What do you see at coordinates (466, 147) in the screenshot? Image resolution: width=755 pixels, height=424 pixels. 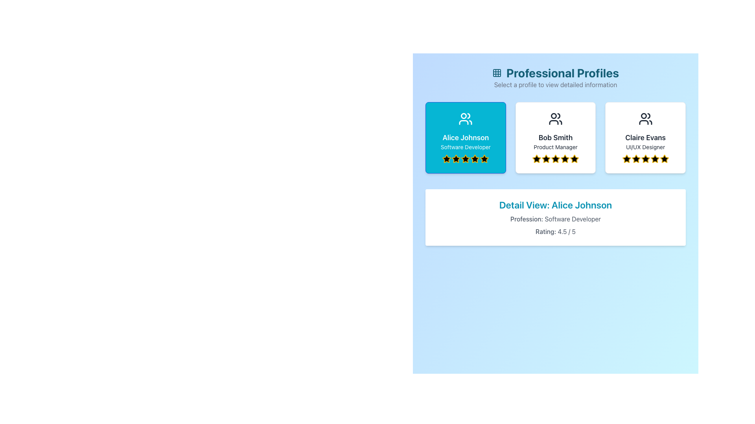 I see `the text label that describes the job title or role associated with 'Alice Johnson', located beneath her name and above the star rating icons` at bounding box center [466, 147].